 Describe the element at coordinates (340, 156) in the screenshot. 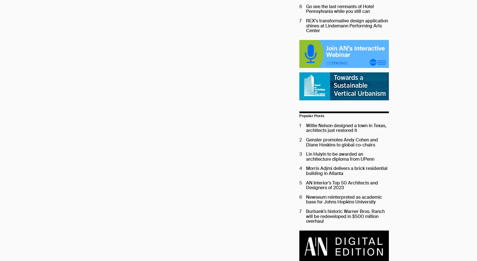

I see `'Lin Huiyin to be awarded an architecture diploma from UPenn'` at that location.